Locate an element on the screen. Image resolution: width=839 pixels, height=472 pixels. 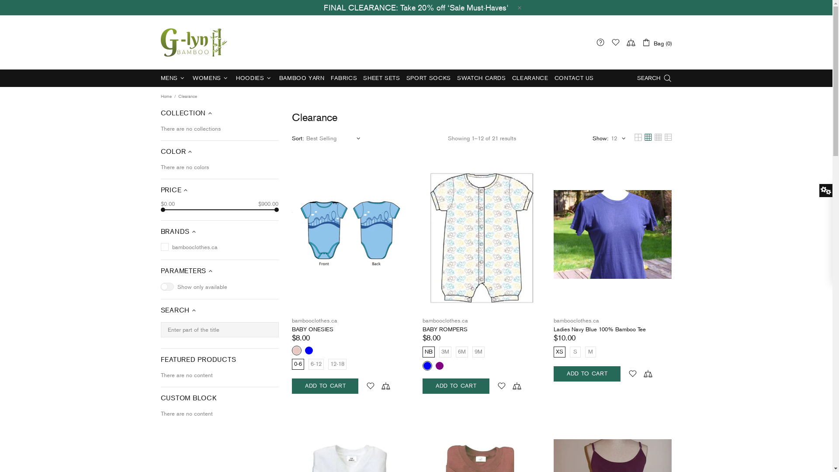
'bambooclothes.ca' is located at coordinates (315, 320).